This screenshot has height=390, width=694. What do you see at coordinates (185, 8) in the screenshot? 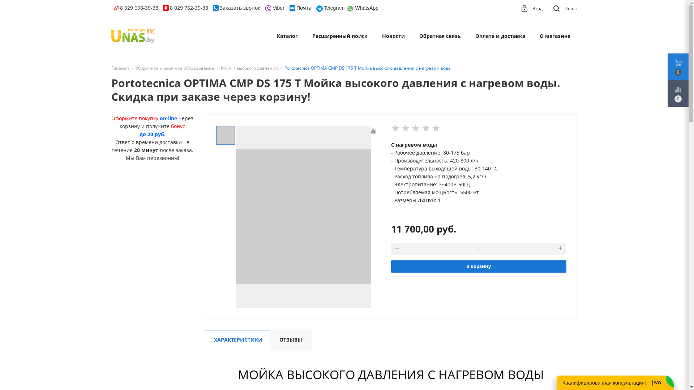
I see `'8 029 762-39-38'` at bounding box center [185, 8].